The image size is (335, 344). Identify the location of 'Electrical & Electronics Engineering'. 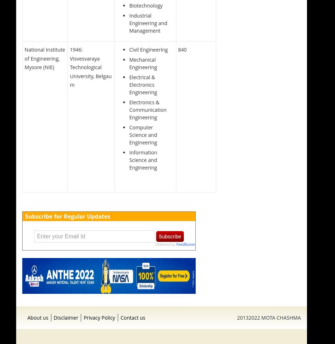
(143, 85).